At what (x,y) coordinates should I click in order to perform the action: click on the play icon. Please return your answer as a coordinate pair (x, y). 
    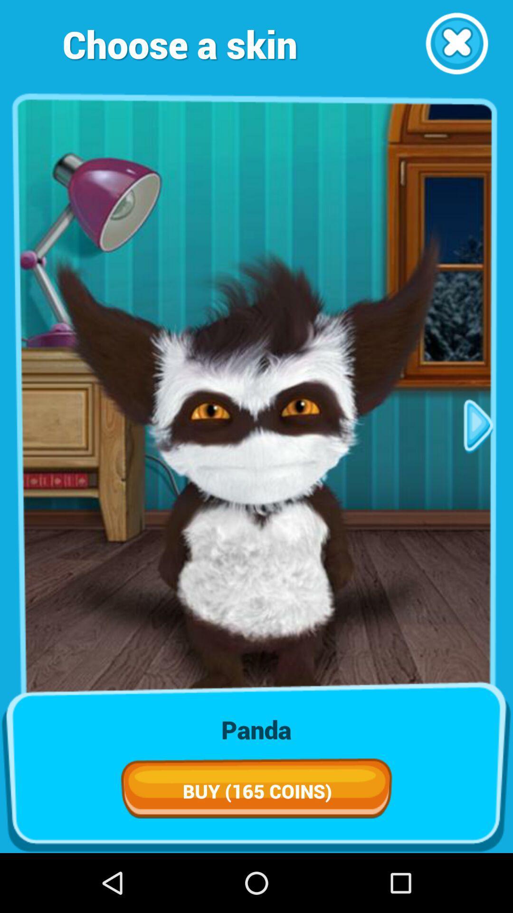
    Looking at the image, I should click on (478, 456).